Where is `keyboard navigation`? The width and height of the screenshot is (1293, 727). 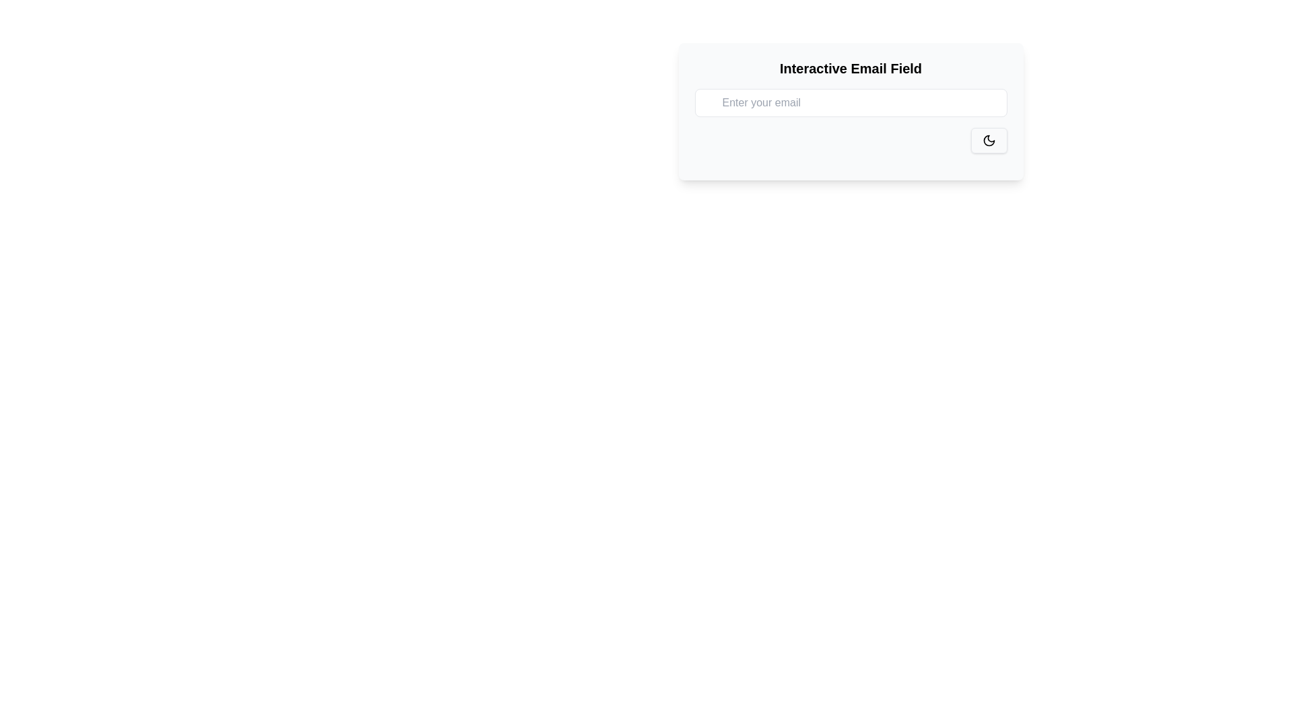
keyboard navigation is located at coordinates (989, 140).